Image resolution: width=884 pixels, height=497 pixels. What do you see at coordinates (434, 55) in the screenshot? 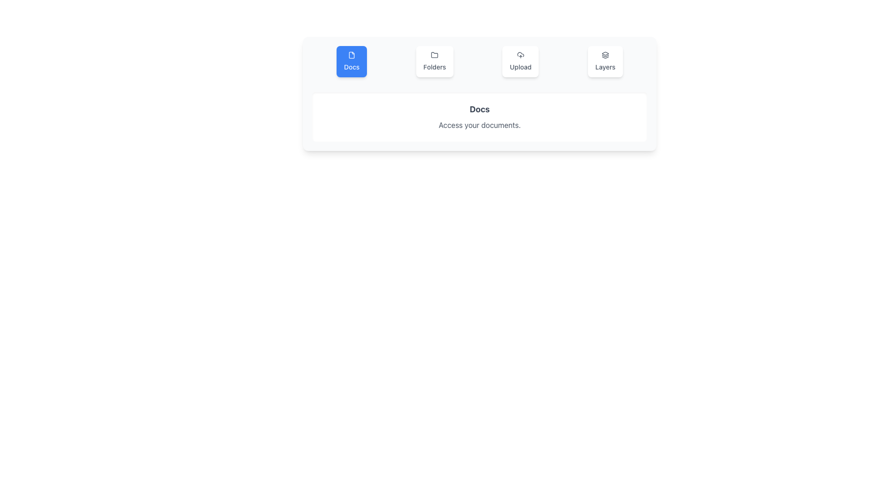
I see `the folder icon located at the top of the 'Folders' card, which is represented in a minimalistic style and positioned between the 'Docs' and 'Upload' cards` at bounding box center [434, 55].